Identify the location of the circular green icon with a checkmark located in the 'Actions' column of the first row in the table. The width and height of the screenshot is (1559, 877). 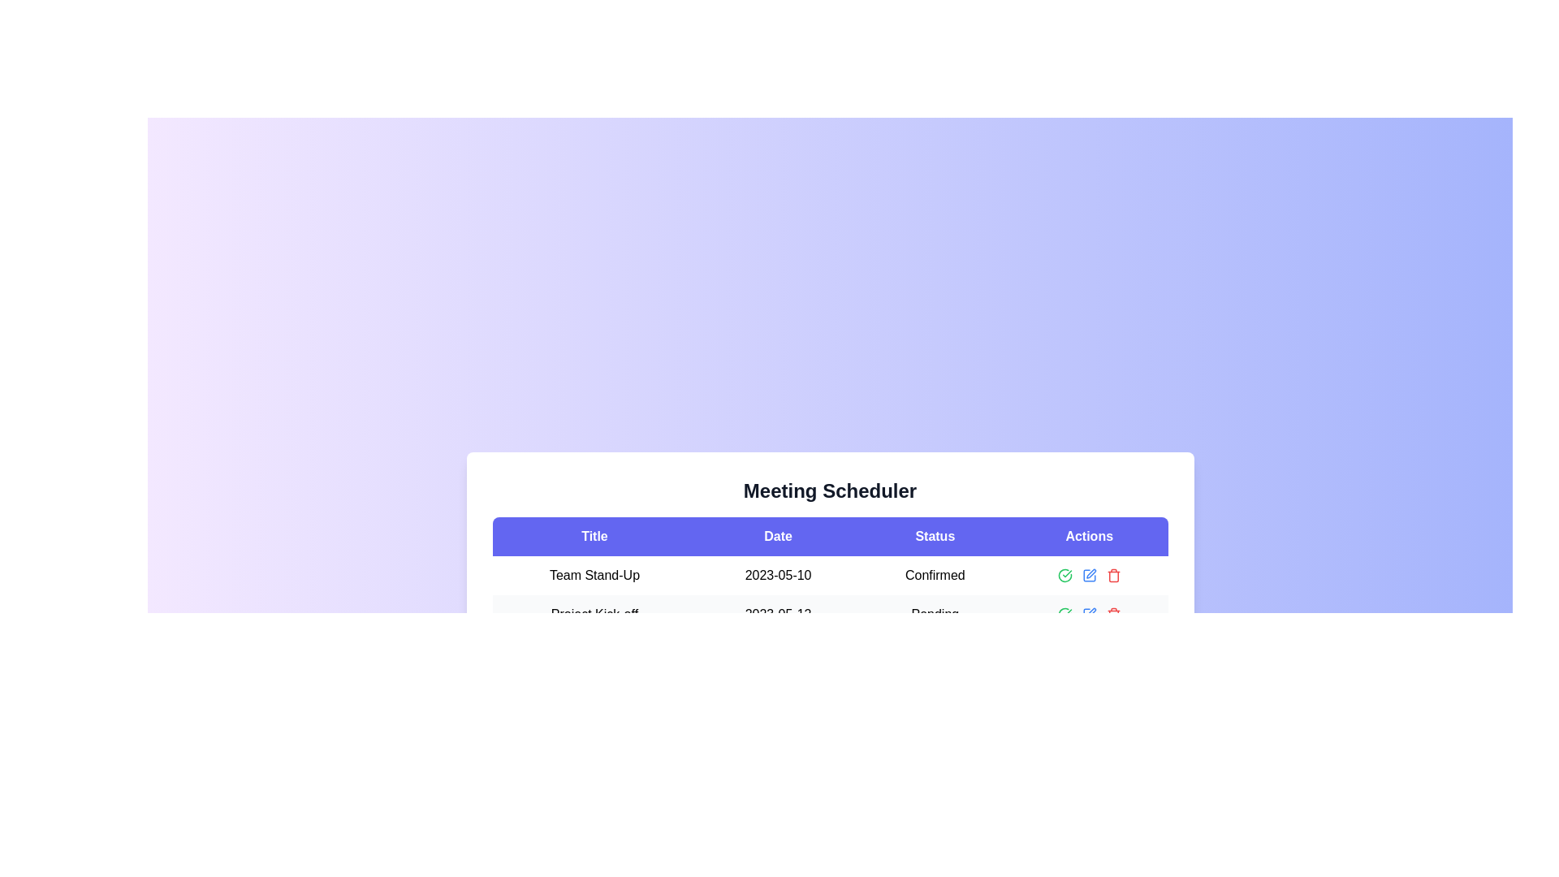
(1065, 614).